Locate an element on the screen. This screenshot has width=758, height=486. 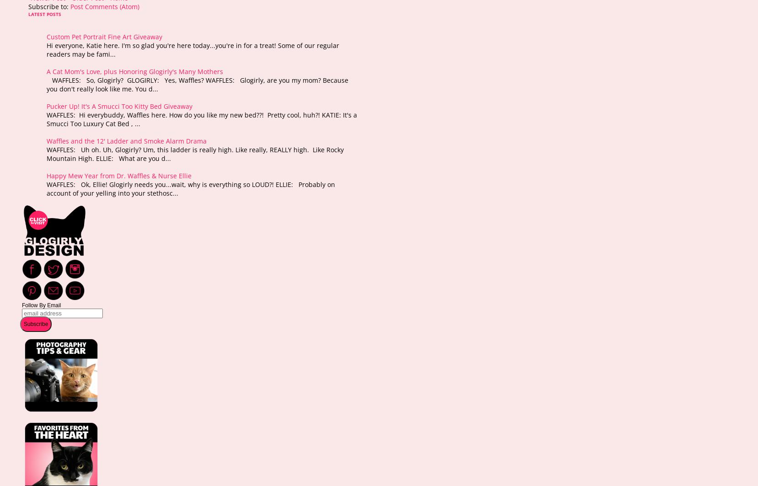
'Follow By Email' is located at coordinates (41, 304).